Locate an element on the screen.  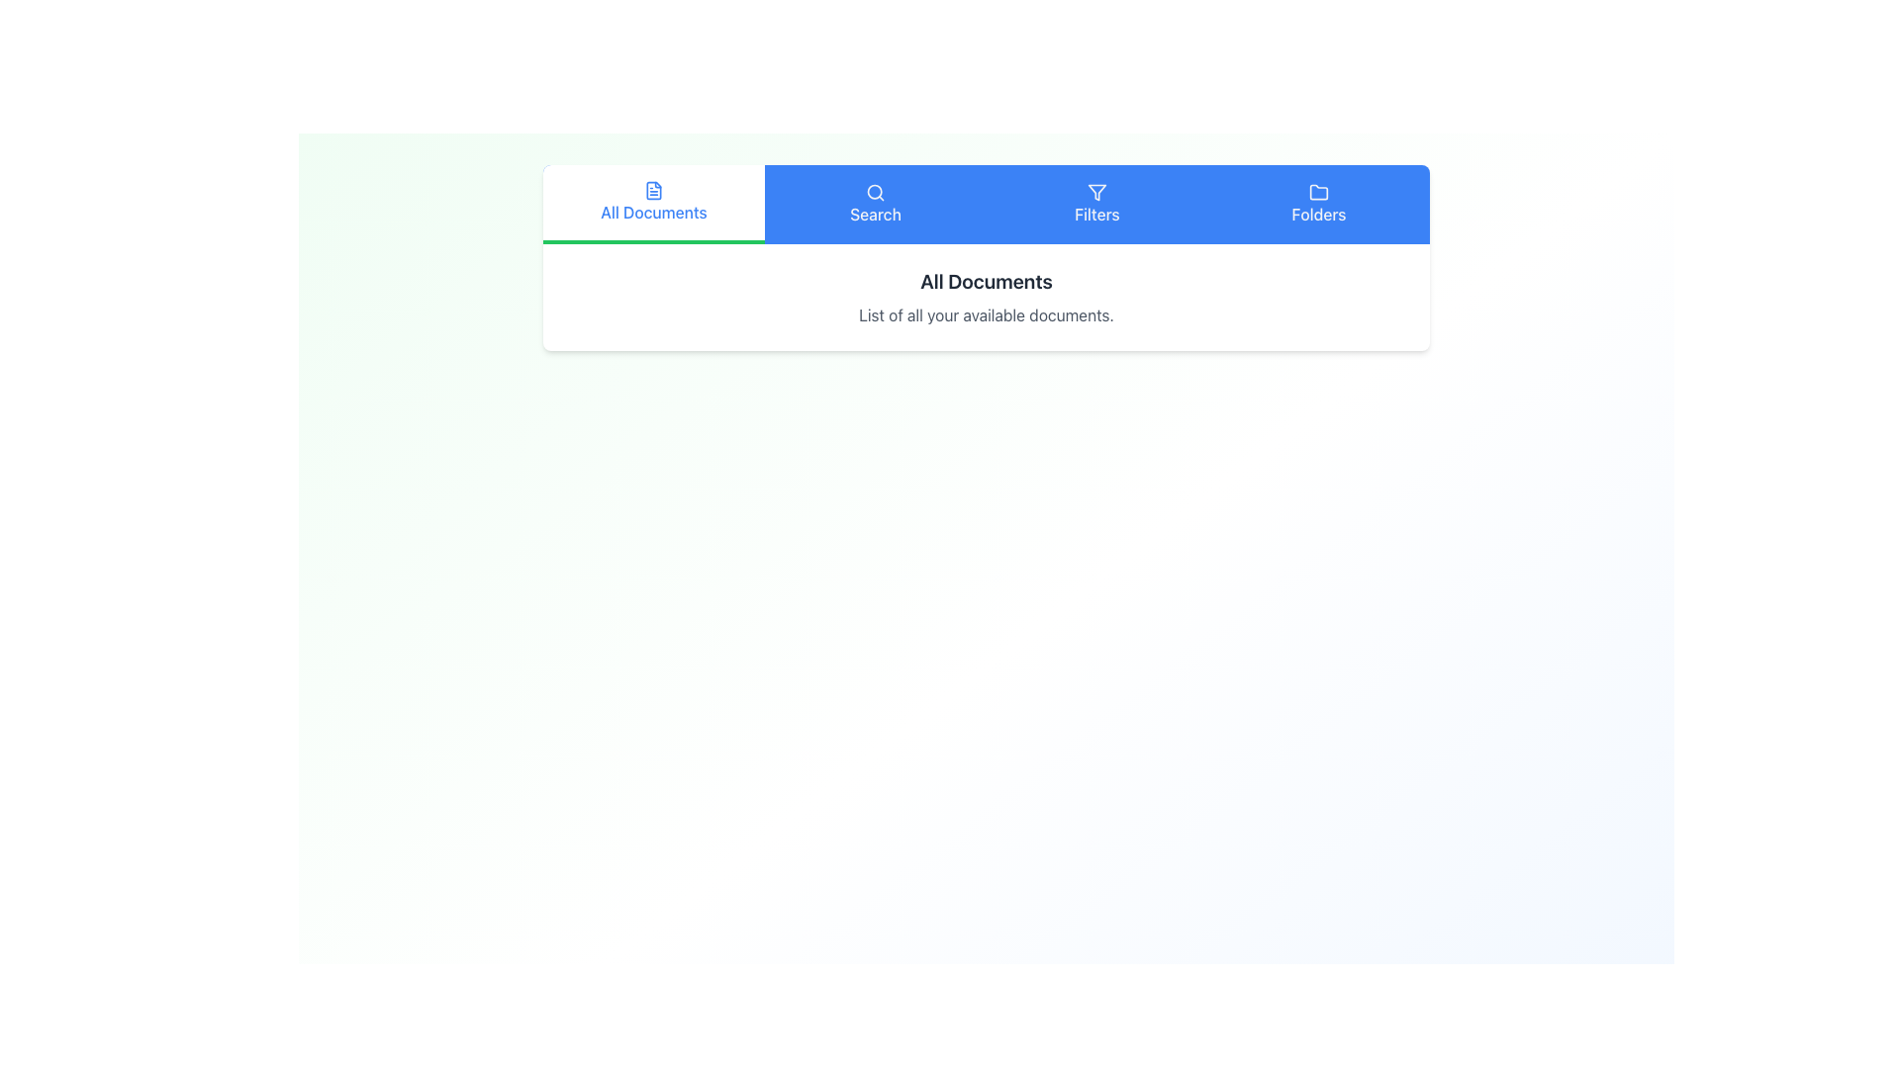
the document icon above the 'All Documents' label to use it as a reference for identifying the section is located at coordinates (654, 190).